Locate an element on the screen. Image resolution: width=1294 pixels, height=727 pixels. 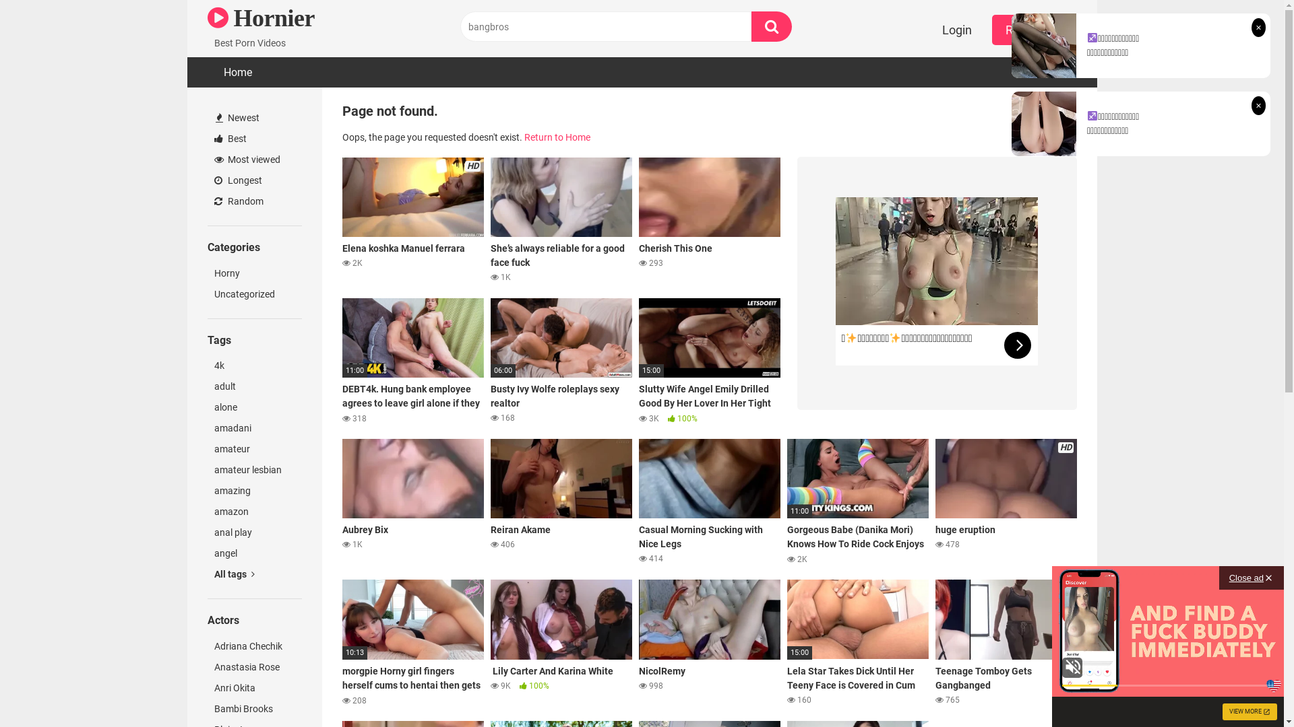
'Bambi Brooks' is located at coordinates (255, 708).